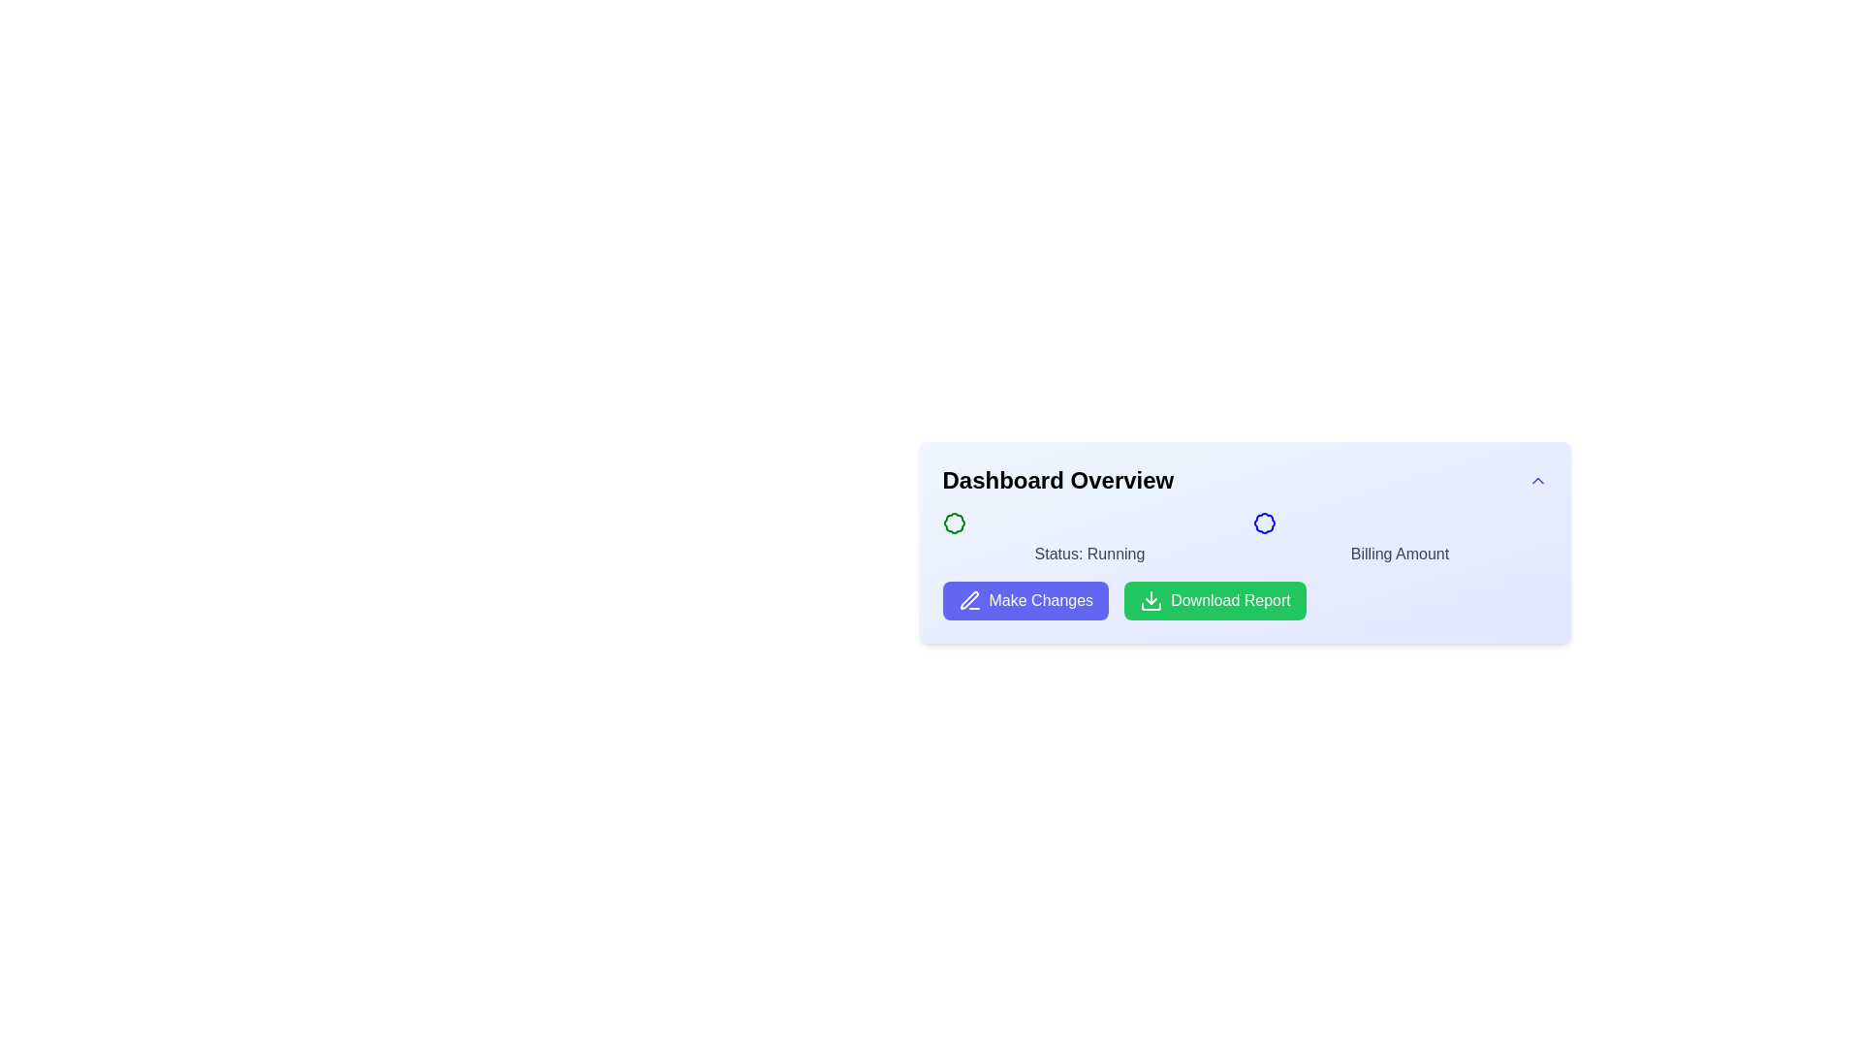 The height and width of the screenshot is (1047, 1861). I want to click on the button with a chevron-up icon located at the upper-right corner of the Dashboard Overview section, so click(1536, 480).